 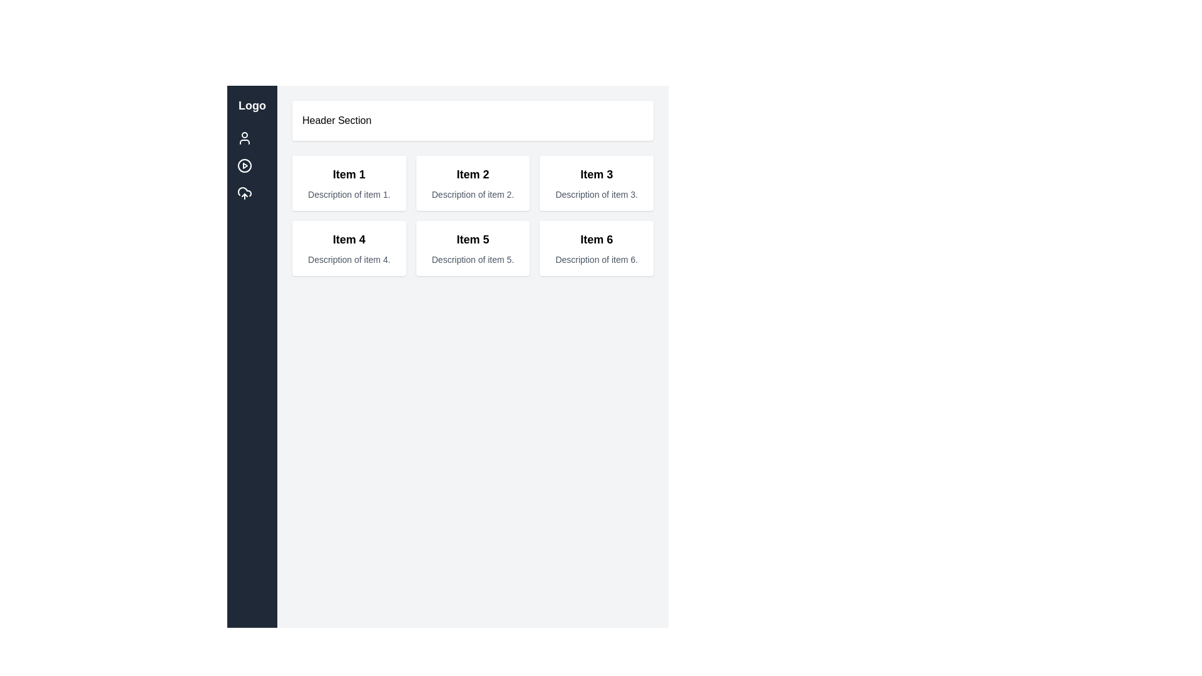 I want to click on the upload icon located in the sidebar navigation panel, positioned third in the vertical list of icons, so click(x=244, y=192).